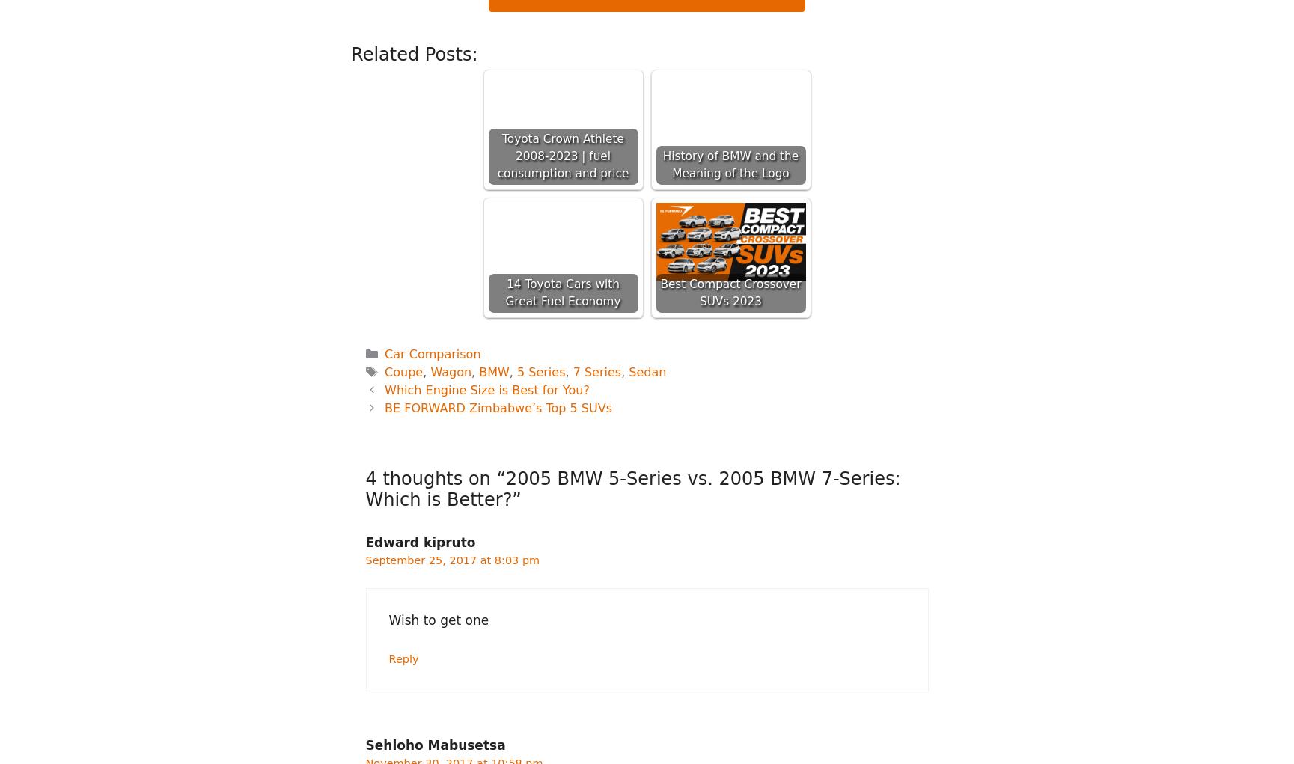 This screenshot has height=764, width=1294. What do you see at coordinates (435, 745) in the screenshot?
I see `'Sehloho Mabusetsa'` at bounding box center [435, 745].